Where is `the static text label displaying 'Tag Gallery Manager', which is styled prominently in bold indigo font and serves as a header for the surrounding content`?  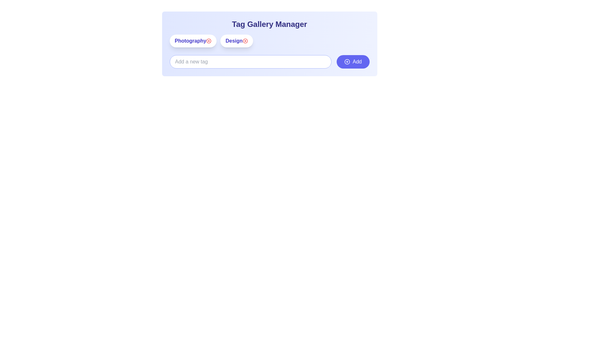 the static text label displaying 'Tag Gallery Manager', which is styled prominently in bold indigo font and serves as a header for the surrounding content is located at coordinates (269, 24).